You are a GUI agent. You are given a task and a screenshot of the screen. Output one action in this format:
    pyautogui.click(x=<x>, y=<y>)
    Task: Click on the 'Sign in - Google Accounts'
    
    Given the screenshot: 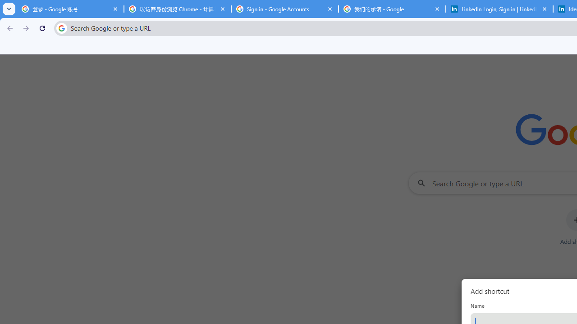 What is the action you would take?
    pyautogui.click(x=284, y=9)
    